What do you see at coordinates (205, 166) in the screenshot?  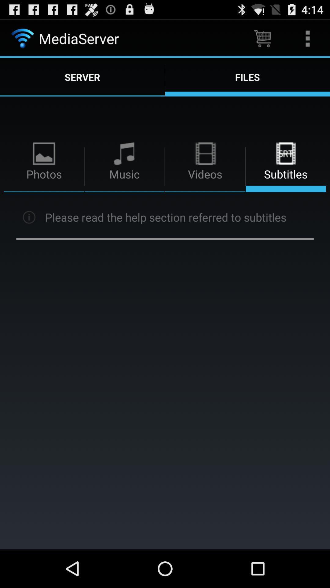 I see `option videos on page` at bounding box center [205, 166].